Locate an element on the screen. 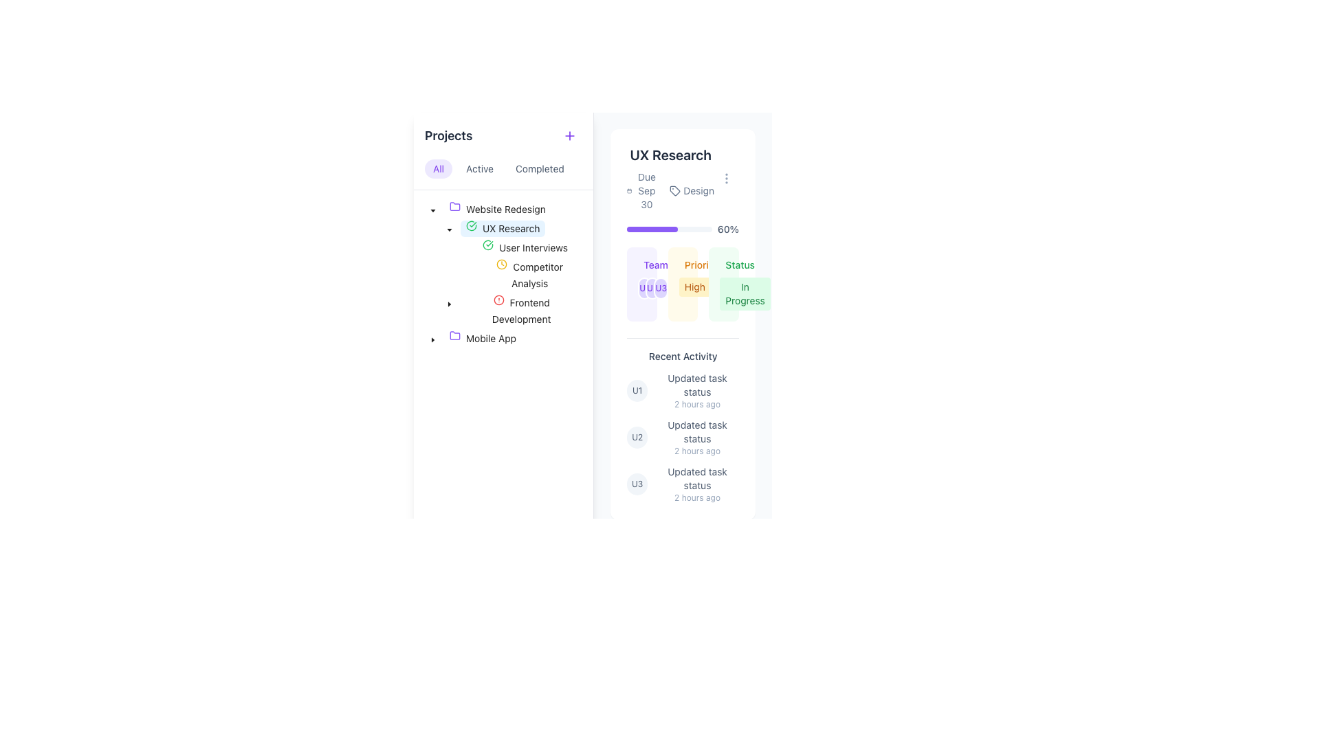 The width and height of the screenshot is (1320, 742). the Circle avatar representation is located at coordinates (637, 484).